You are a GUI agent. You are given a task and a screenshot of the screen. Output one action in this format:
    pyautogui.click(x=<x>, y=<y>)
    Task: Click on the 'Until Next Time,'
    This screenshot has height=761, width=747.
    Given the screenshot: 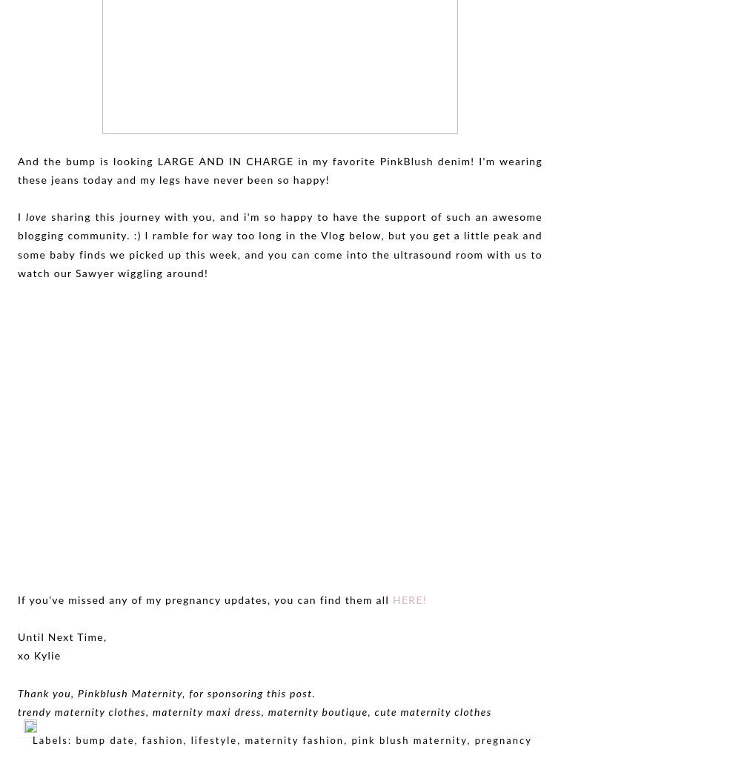 What is the action you would take?
    pyautogui.click(x=62, y=637)
    